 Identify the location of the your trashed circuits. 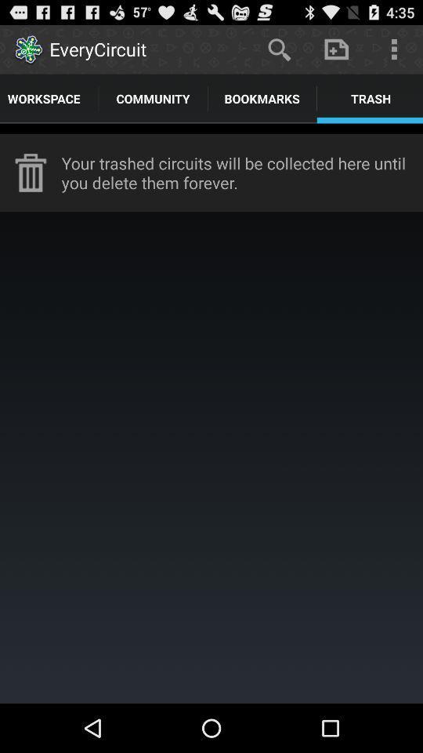
(242, 173).